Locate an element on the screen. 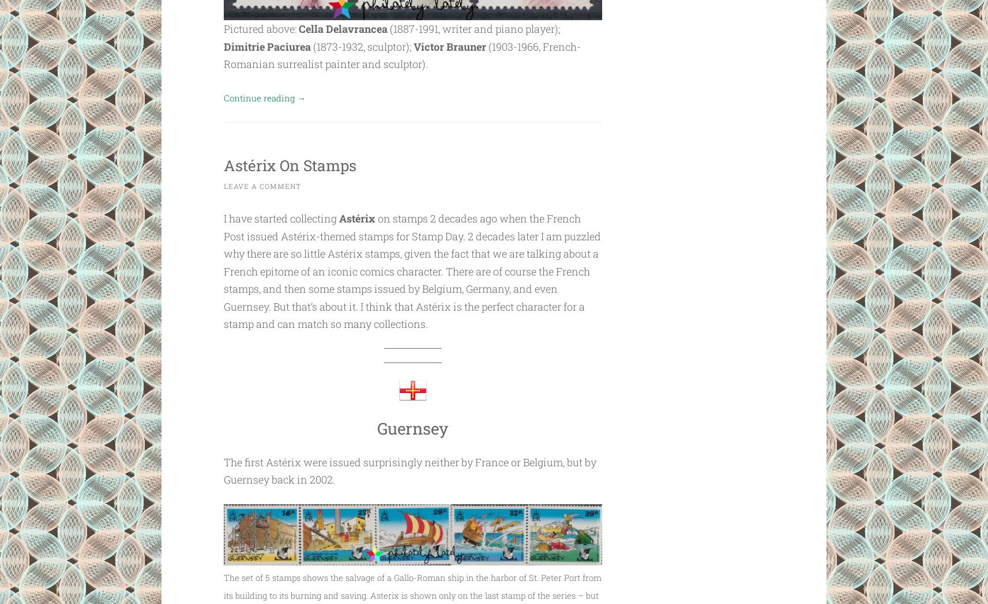  '(1903-1966, French-Romanian surrealist painter and sculptor).' is located at coordinates (401, 54).